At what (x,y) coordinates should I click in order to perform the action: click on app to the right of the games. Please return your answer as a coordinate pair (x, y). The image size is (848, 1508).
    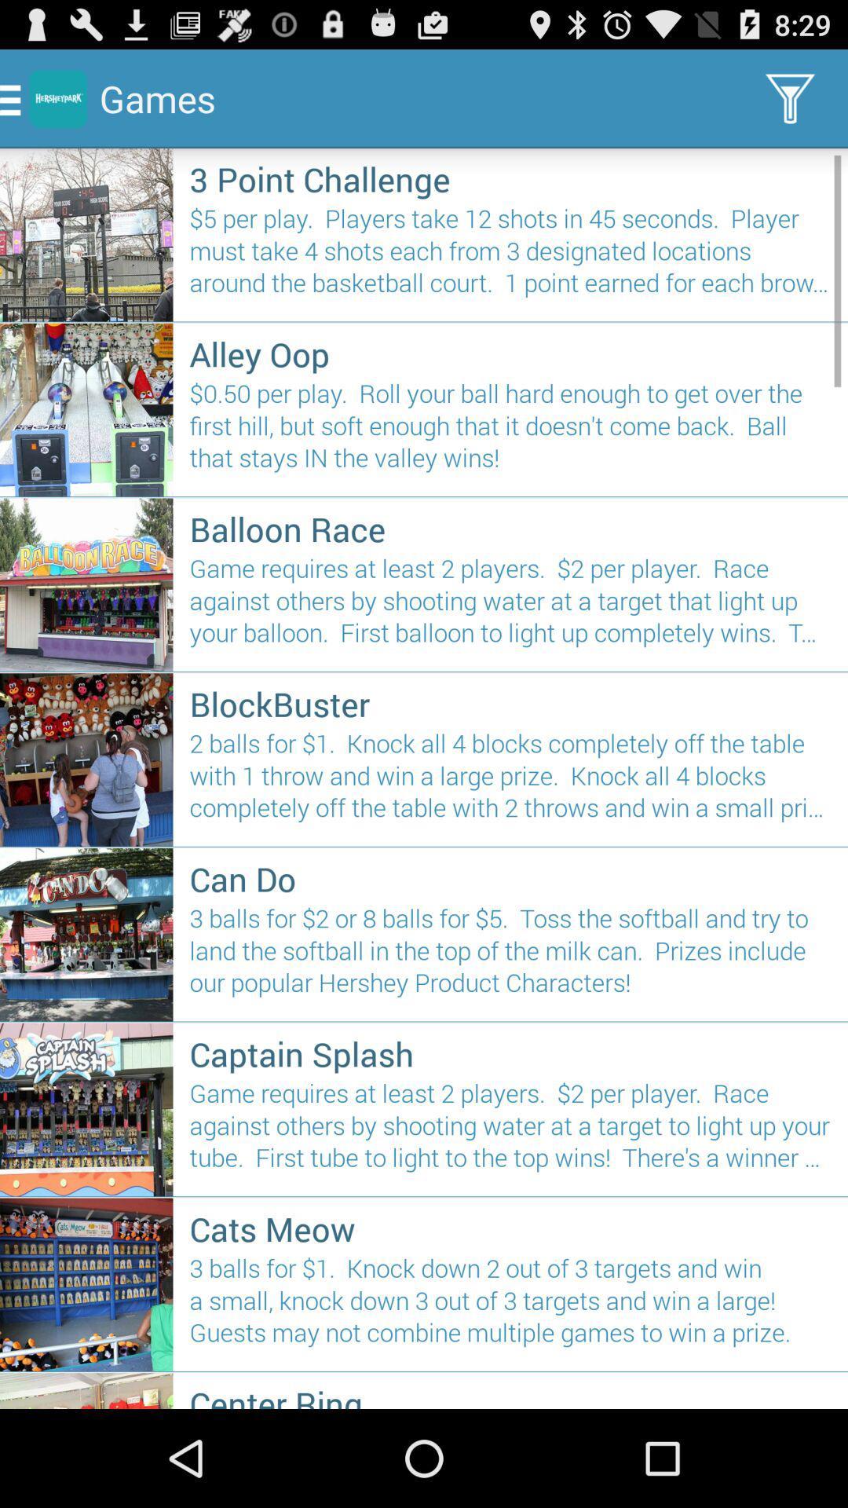
    Looking at the image, I should click on (790, 97).